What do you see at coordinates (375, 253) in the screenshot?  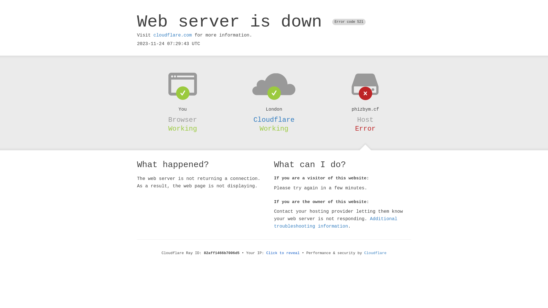 I see `'Cloudflare'` at bounding box center [375, 253].